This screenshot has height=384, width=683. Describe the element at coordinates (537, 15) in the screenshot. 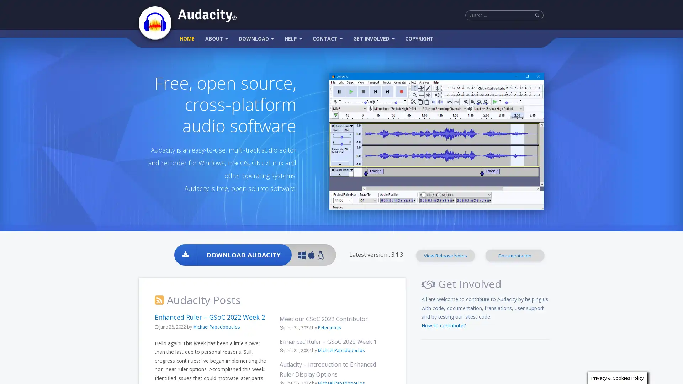

I see `Search` at that location.